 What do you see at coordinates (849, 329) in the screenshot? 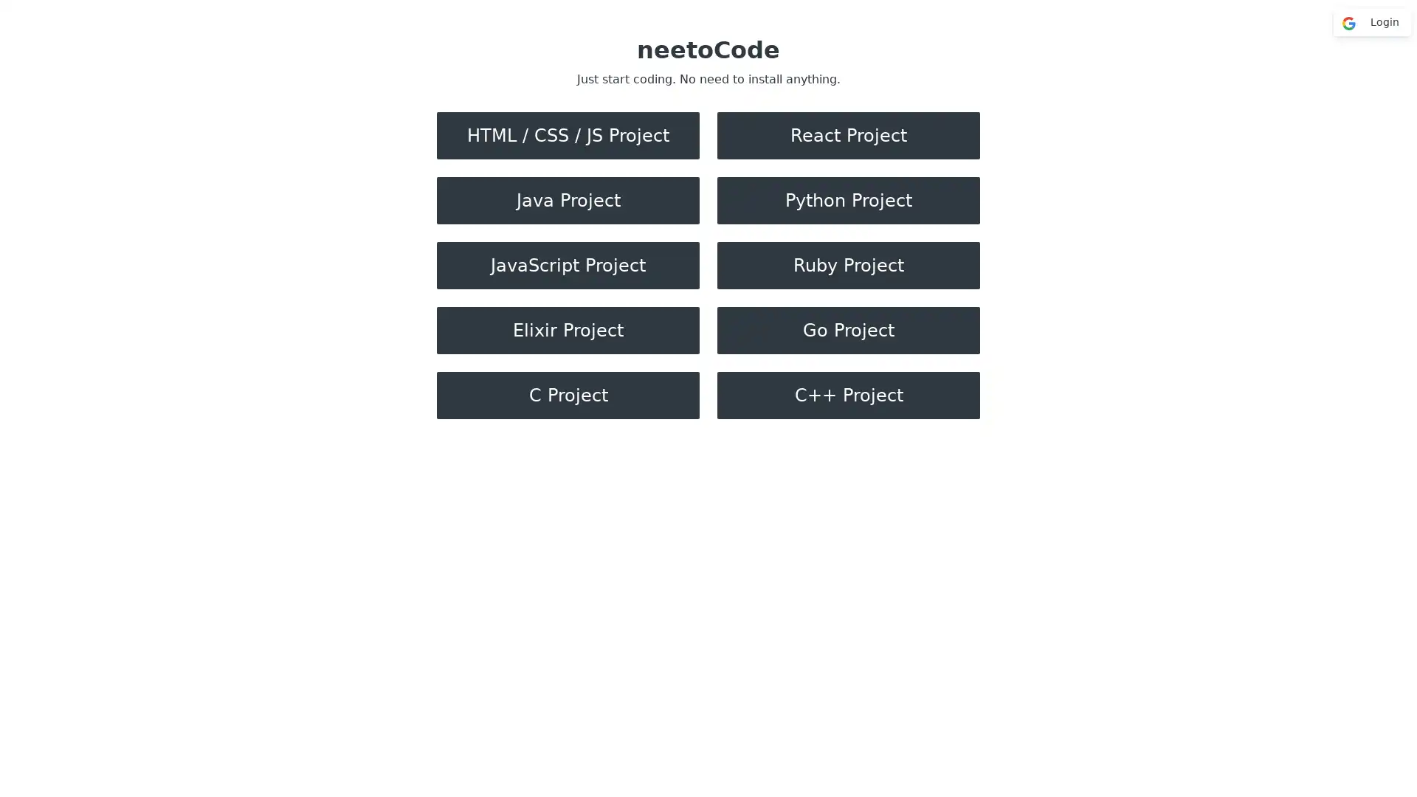
I see `Go Project` at bounding box center [849, 329].